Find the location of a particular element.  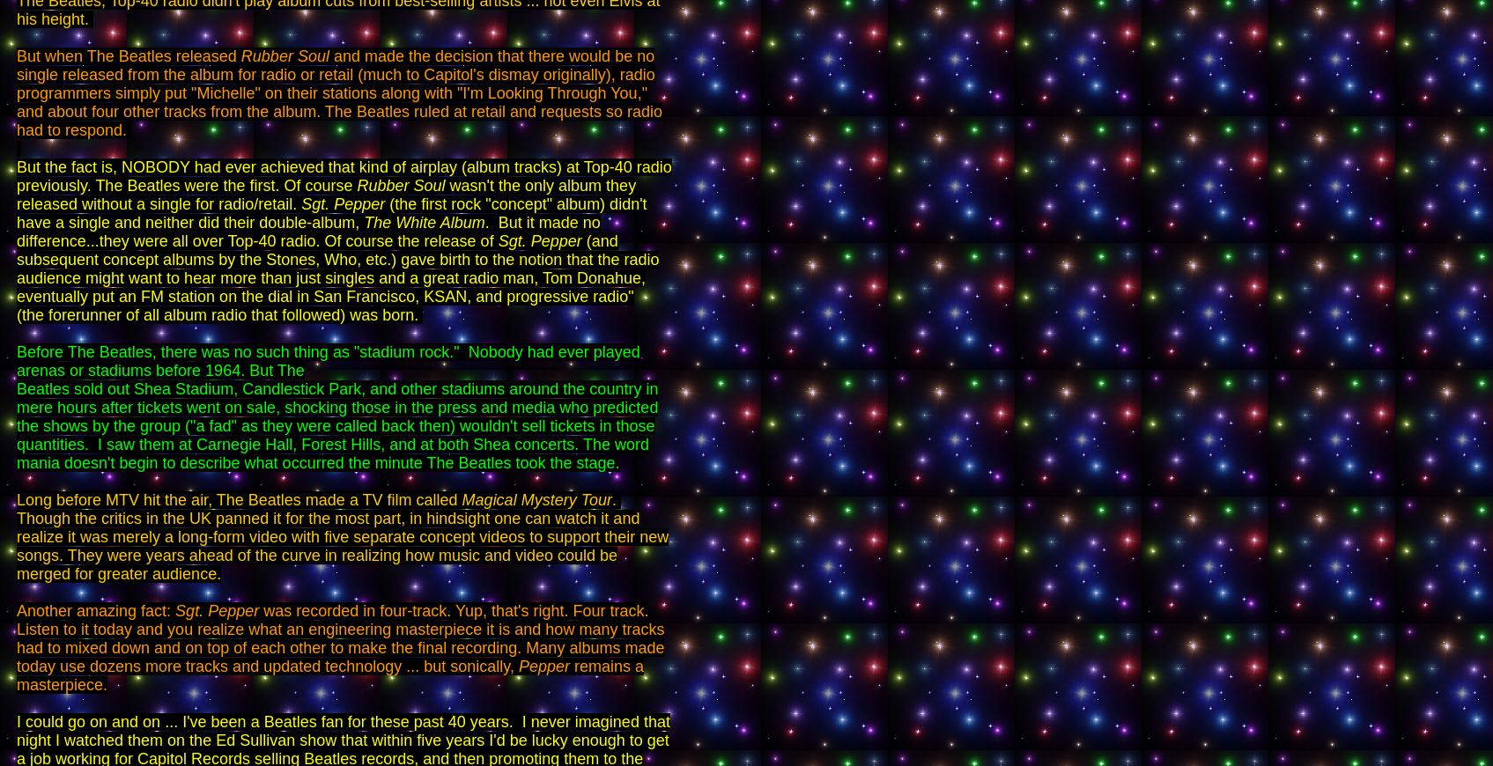

'Before The Beatles, there was no such thing as "stadium rock."  Nobody had ever
                           played arenas or stadiums before 1964. But The' is located at coordinates (327, 361).